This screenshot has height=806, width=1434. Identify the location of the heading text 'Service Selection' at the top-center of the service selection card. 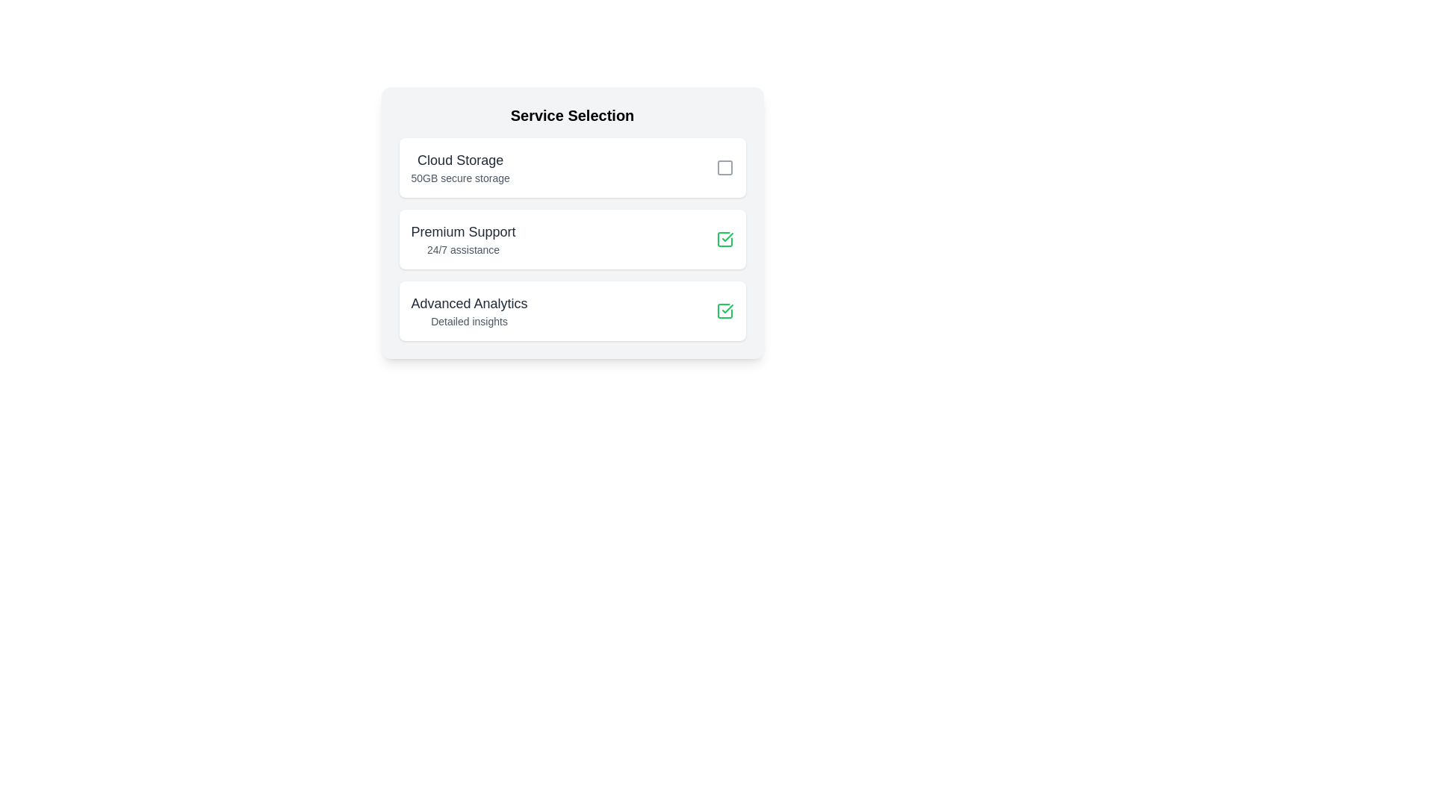
(571, 114).